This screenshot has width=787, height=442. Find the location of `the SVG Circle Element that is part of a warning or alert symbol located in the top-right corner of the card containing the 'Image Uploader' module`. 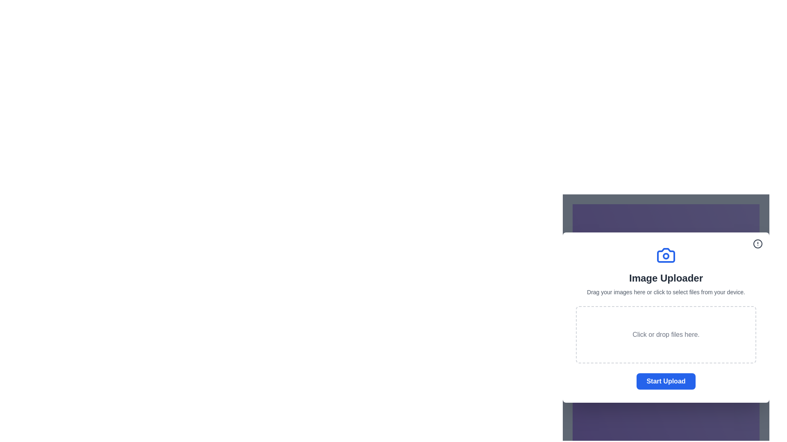

the SVG Circle Element that is part of a warning or alert symbol located in the top-right corner of the card containing the 'Image Uploader' module is located at coordinates (757, 244).